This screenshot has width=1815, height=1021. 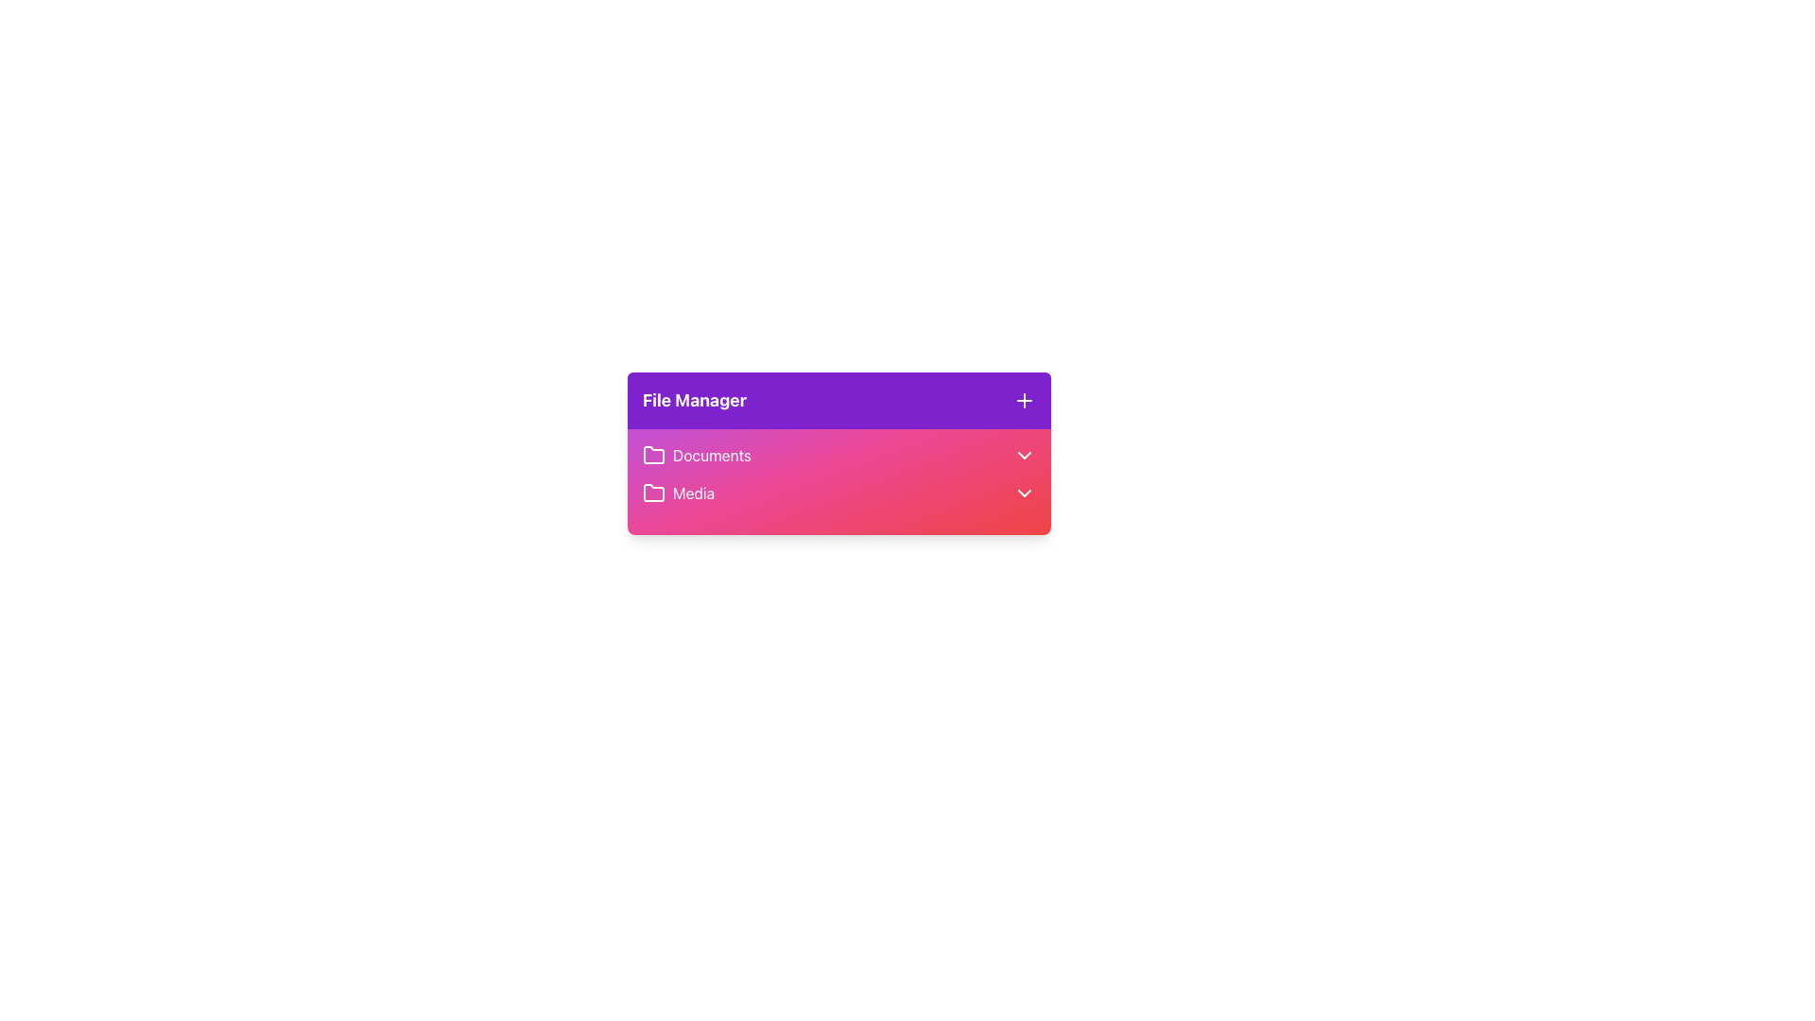 What do you see at coordinates (1024, 456) in the screenshot?
I see `the downward-pointing chevron icon on the right side of the 'Documents' row in the 'File Manager'` at bounding box center [1024, 456].